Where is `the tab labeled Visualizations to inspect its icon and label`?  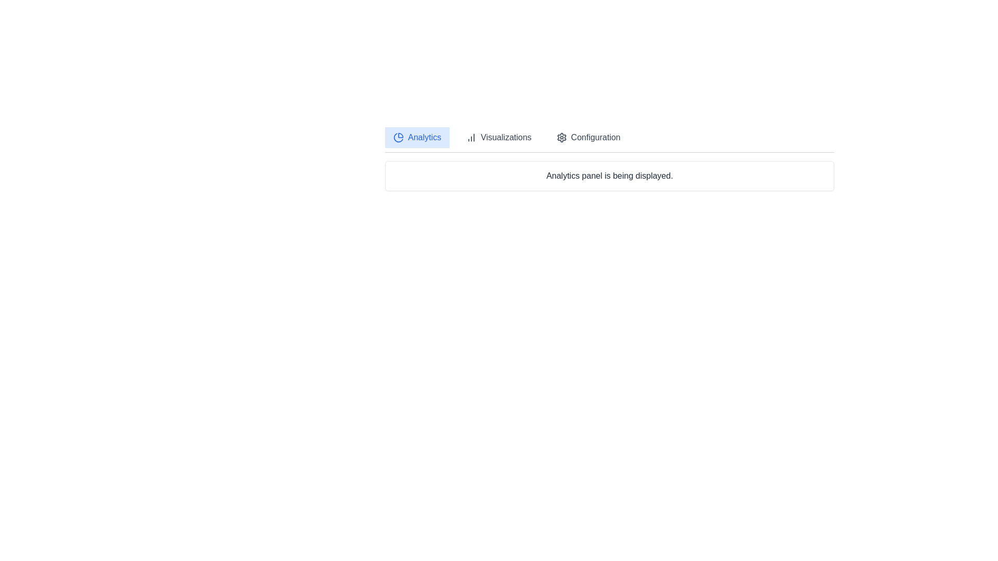
the tab labeled Visualizations to inspect its icon and label is located at coordinates (498, 137).